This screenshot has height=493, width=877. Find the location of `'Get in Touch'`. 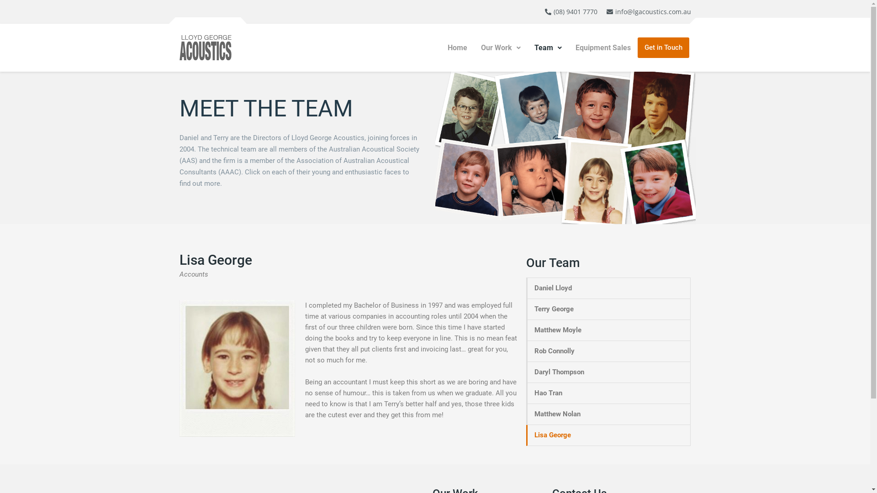

'Get in Touch' is located at coordinates (663, 47).